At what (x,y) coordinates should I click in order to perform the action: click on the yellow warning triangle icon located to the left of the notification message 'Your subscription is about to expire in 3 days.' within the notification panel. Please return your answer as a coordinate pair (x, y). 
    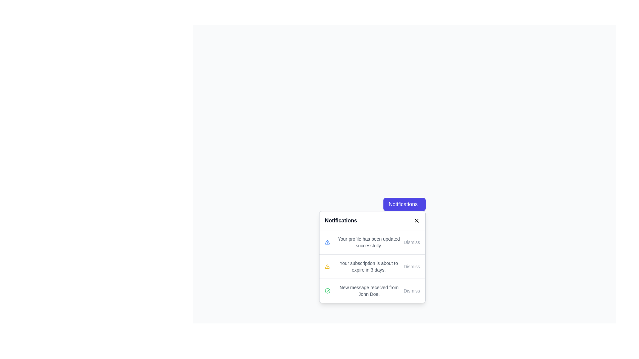
    Looking at the image, I should click on (327, 266).